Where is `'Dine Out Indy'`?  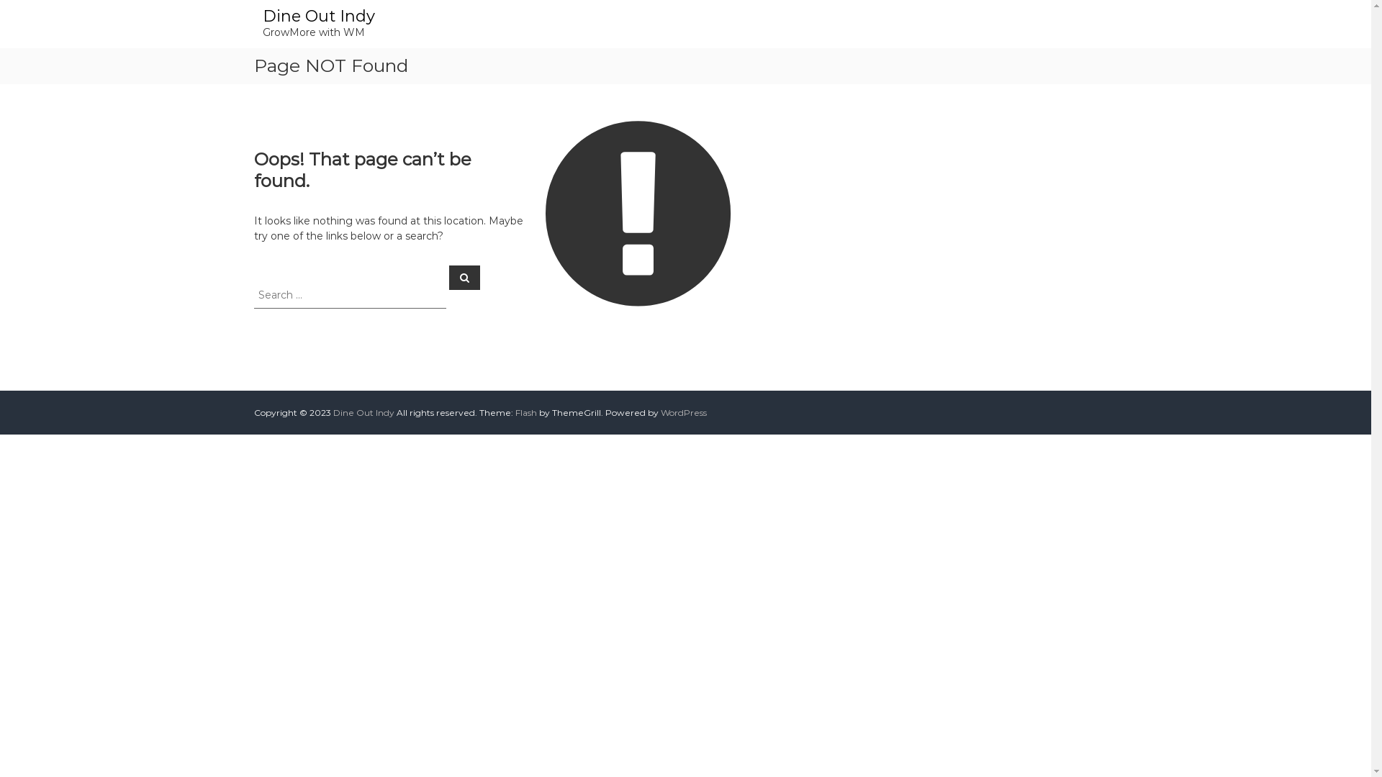 'Dine Out Indy' is located at coordinates (317, 16).